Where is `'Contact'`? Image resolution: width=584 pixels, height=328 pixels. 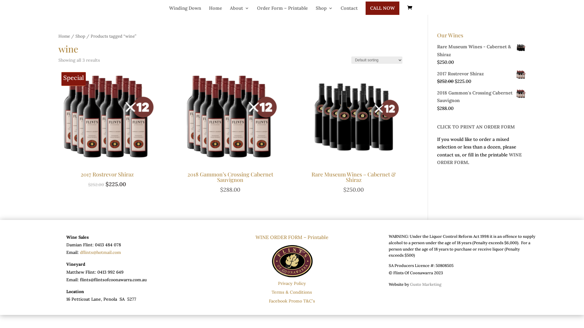 'Contact' is located at coordinates (340, 9).